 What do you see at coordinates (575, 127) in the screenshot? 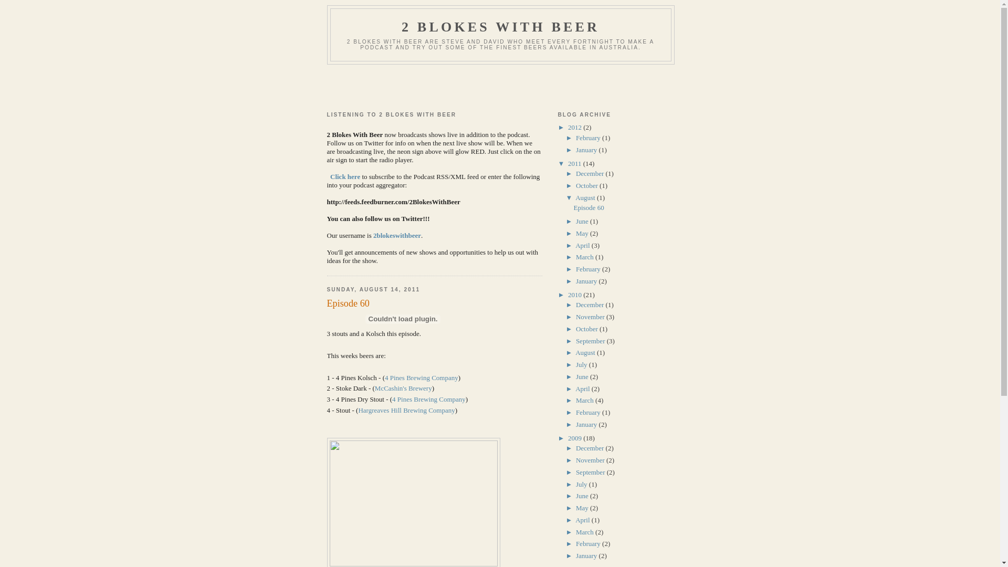
I see `'2012'` at bounding box center [575, 127].